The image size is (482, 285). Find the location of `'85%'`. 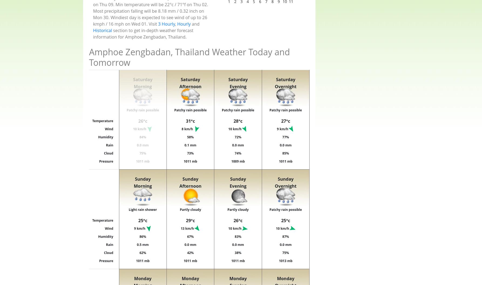

'85%' is located at coordinates (285, 153).